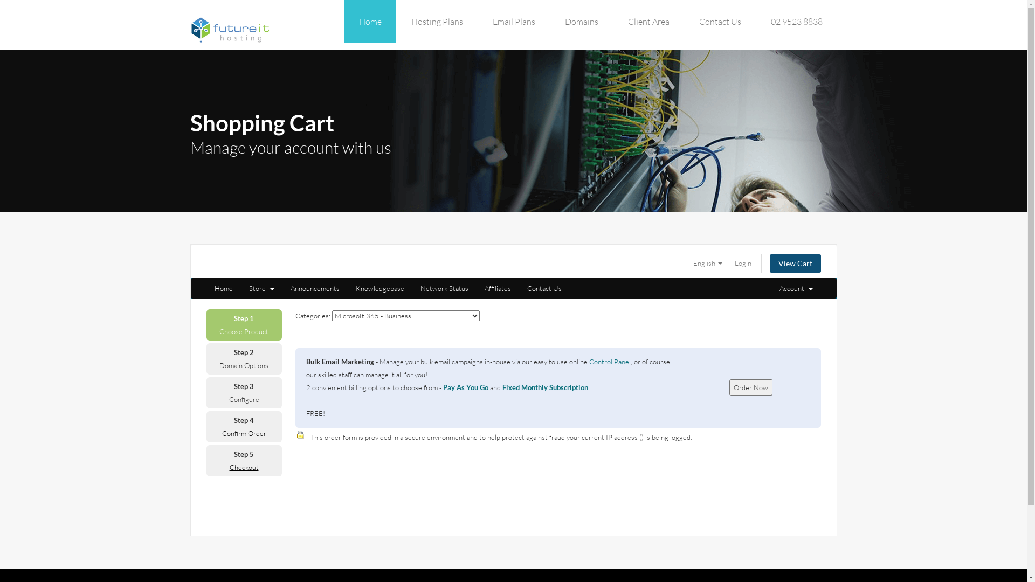  I want to click on 'Affiliates', so click(497, 288).